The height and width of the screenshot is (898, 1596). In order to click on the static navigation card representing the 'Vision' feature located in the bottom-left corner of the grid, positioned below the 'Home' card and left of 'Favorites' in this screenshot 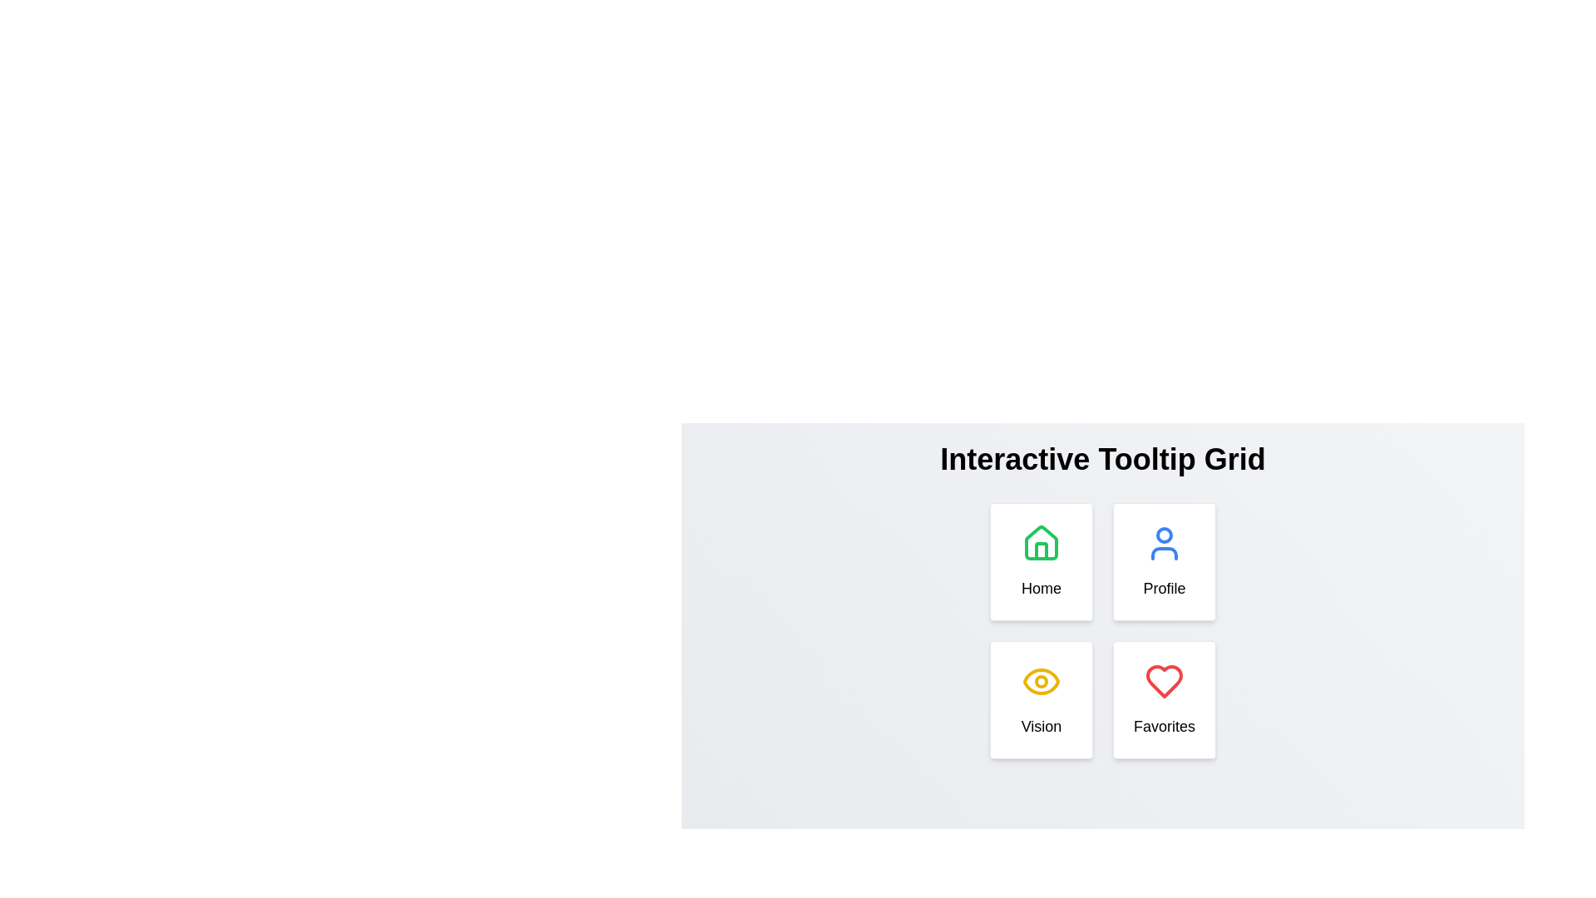, I will do `click(1040, 699)`.